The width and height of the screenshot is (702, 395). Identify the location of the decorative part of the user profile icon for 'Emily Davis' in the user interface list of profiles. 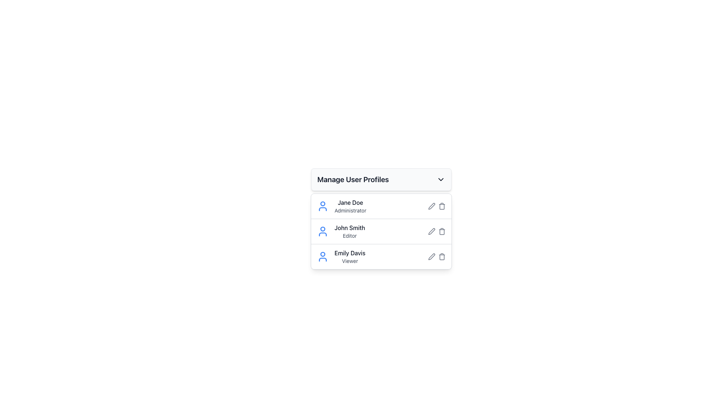
(322, 259).